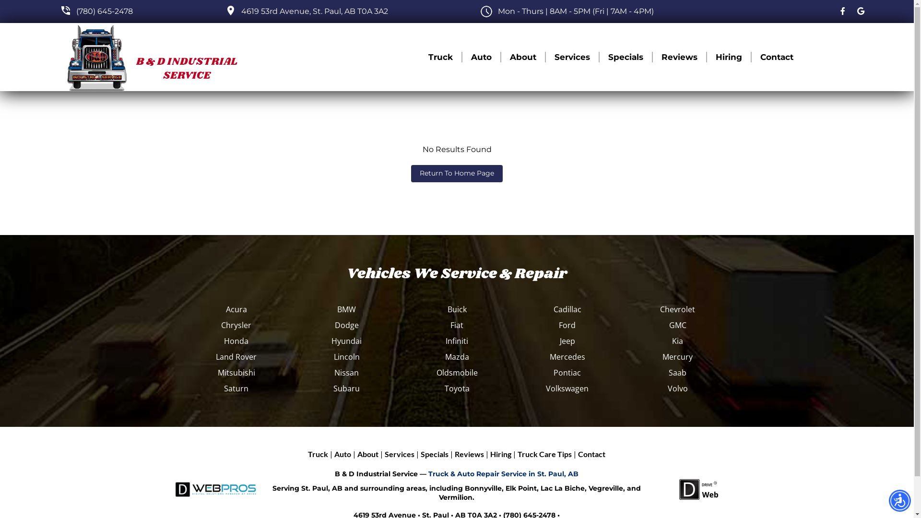 The width and height of the screenshot is (921, 518). What do you see at coordinates (346, 340) in the screenshot?
I see `'Hyundai'` at bounding box center [346, 340].